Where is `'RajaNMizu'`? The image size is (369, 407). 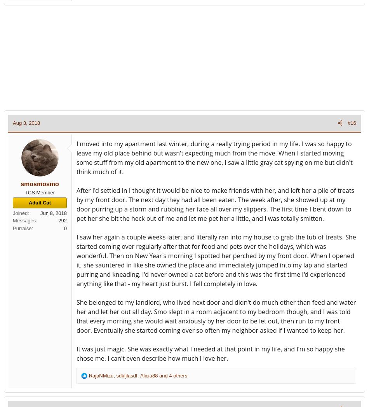 'RajaNMizu' is located at coordinates (101, 375).